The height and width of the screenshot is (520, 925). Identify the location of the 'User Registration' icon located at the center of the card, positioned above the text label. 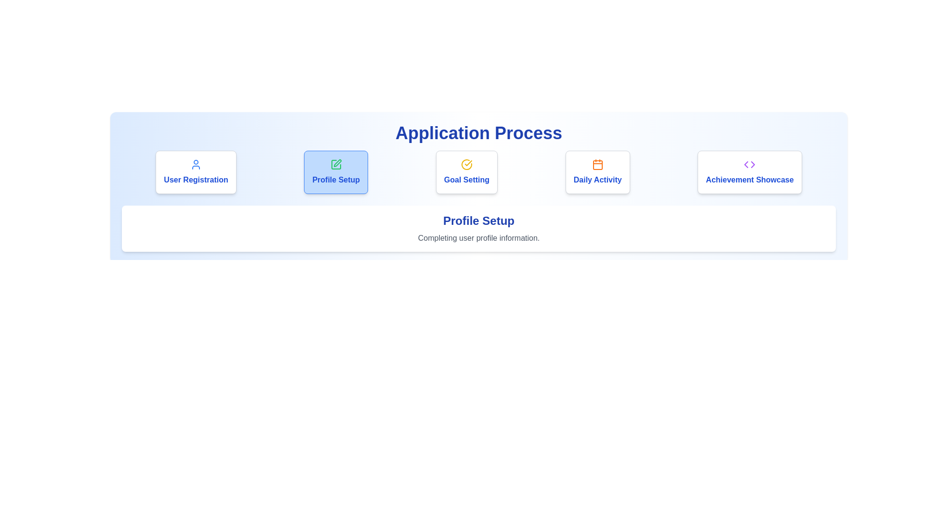
(196, 164).